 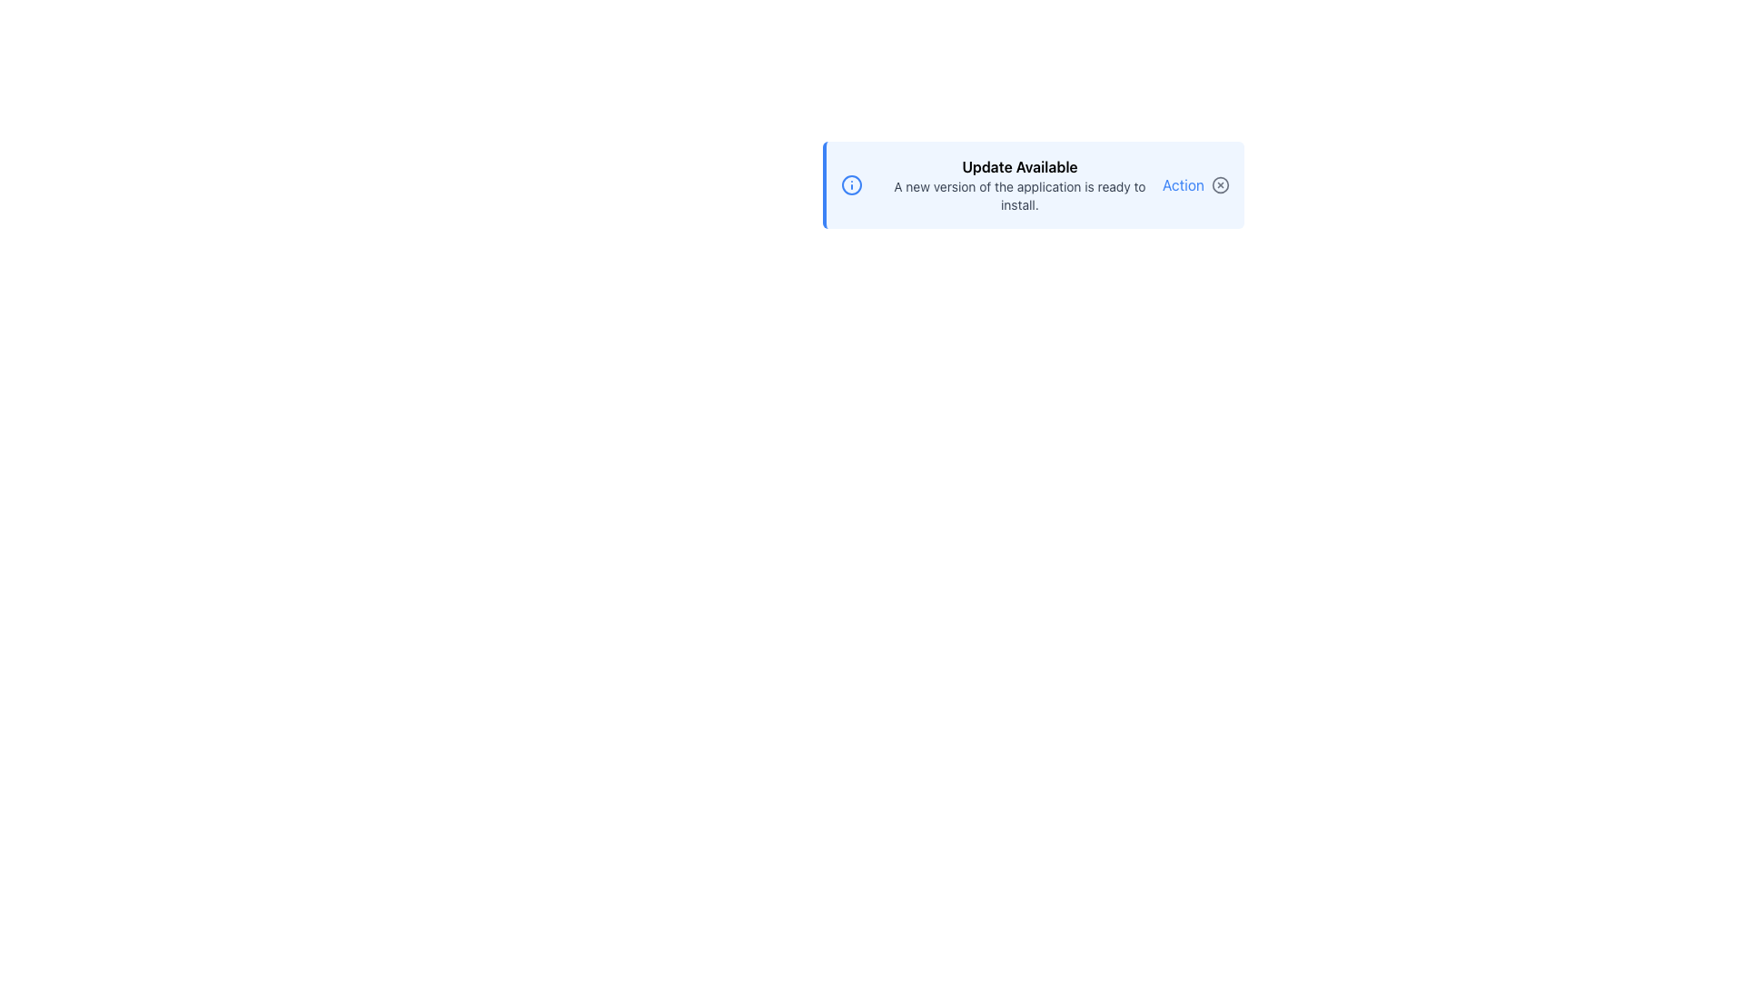 What do you see at coordinates (1194, 185) in the screenshot?
I see `the blue 'Action' text located on the rightmost side of the notification banner labeled 'Update Available'` at bounding box center [1194, 185].